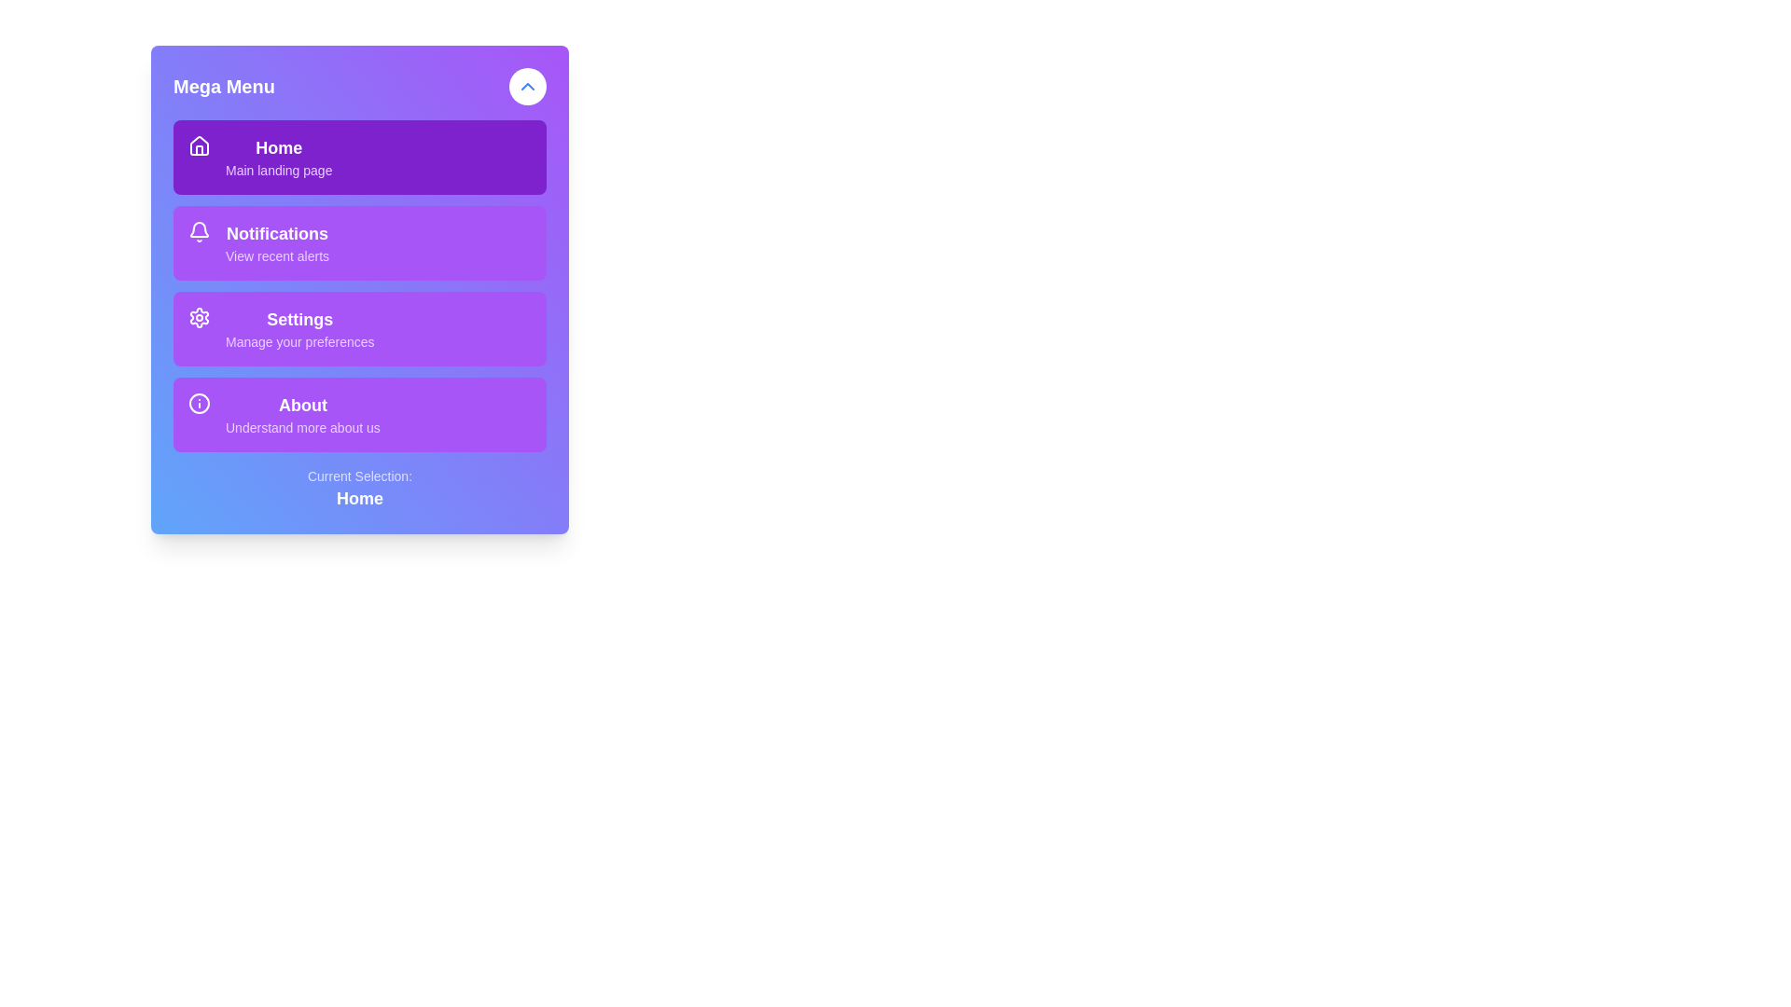 The width and height of the screenshot is (1791, 1007). I want to click on the 'Home' button in the Mega Menu, so click(359, 157).